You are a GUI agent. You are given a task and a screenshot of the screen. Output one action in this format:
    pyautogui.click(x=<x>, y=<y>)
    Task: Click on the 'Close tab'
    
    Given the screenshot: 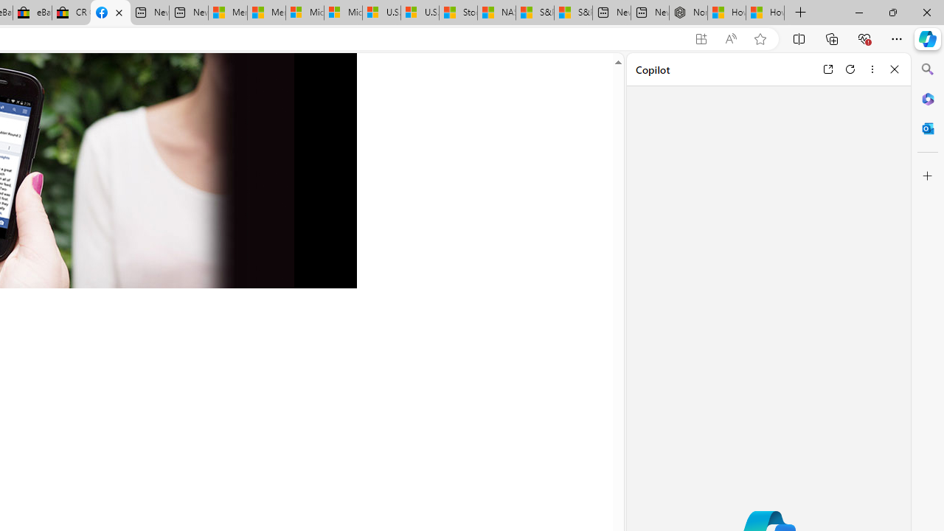 What is the action you would take?
    pyautogui.click(x=119, y=13)
    